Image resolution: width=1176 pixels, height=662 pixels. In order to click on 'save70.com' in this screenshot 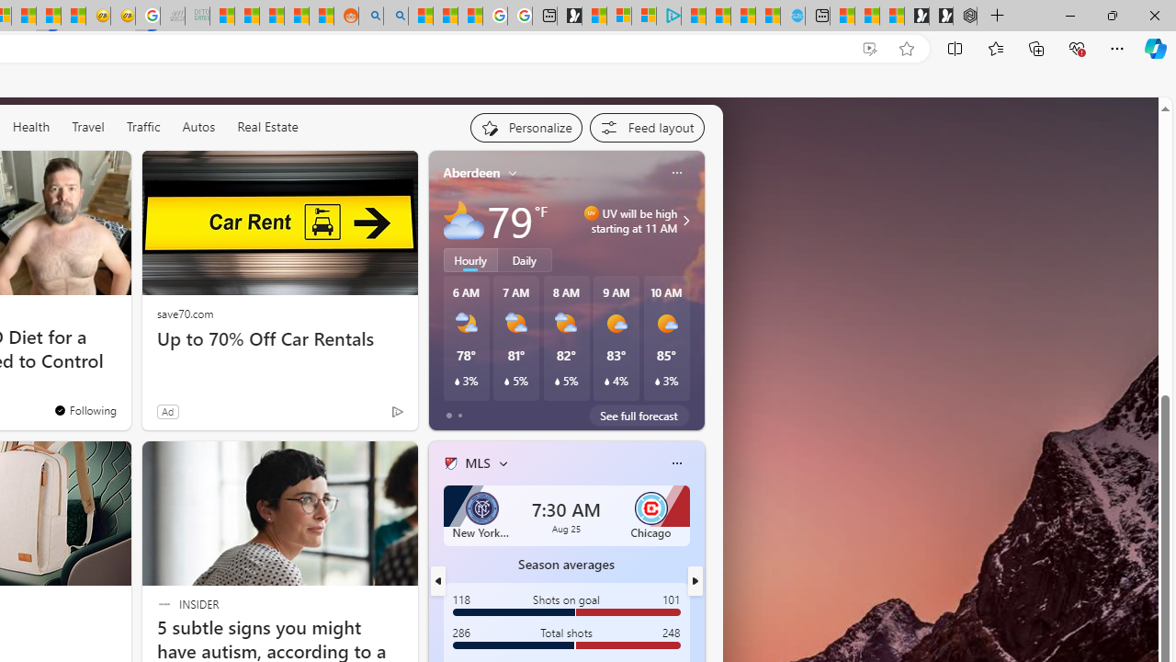, I will do `click(185, 312)`.